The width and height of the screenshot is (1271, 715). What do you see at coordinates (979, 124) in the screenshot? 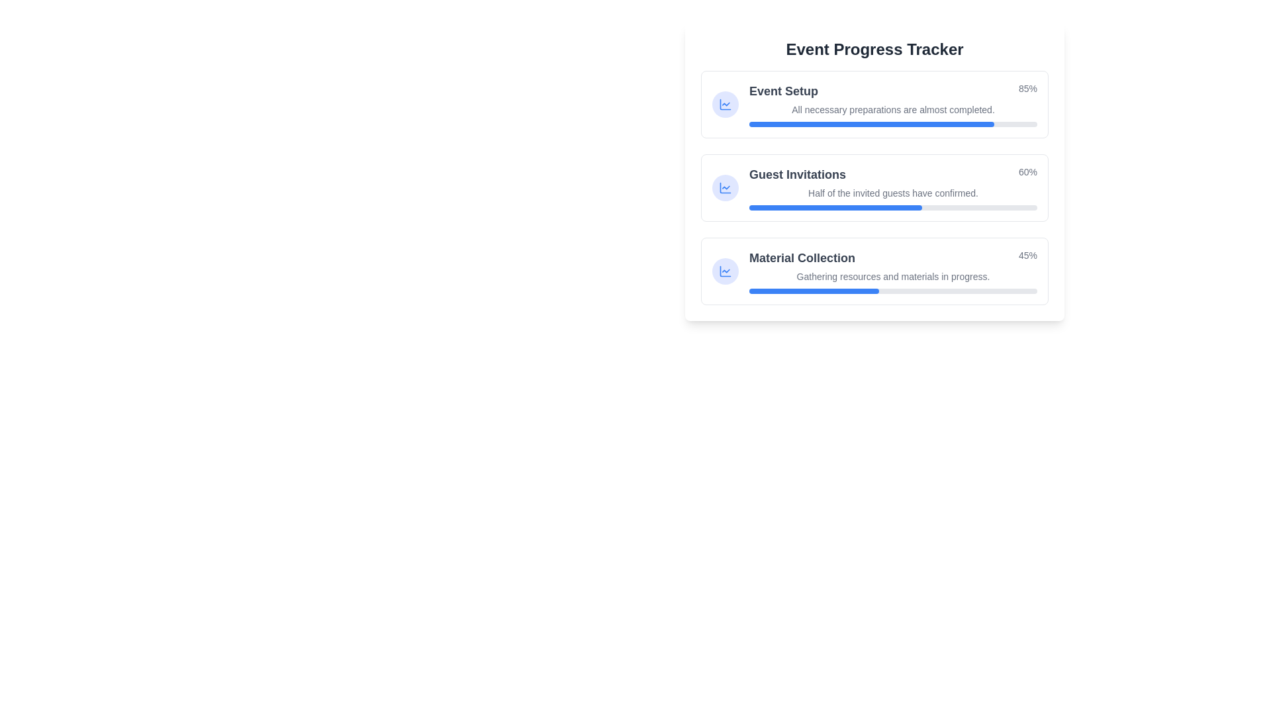
I see `the progress of the bar` at bounding box center [979, 124].